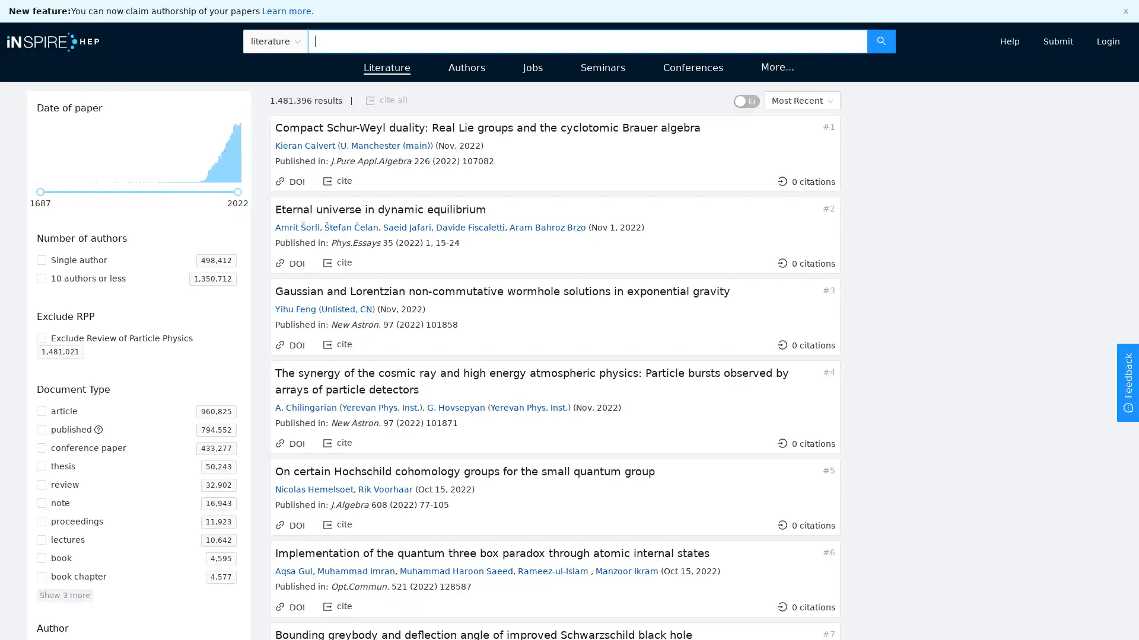 Image resolution: width=1139 pixels, height=640 pixels. I want to click on export cite, so click(336, 181).